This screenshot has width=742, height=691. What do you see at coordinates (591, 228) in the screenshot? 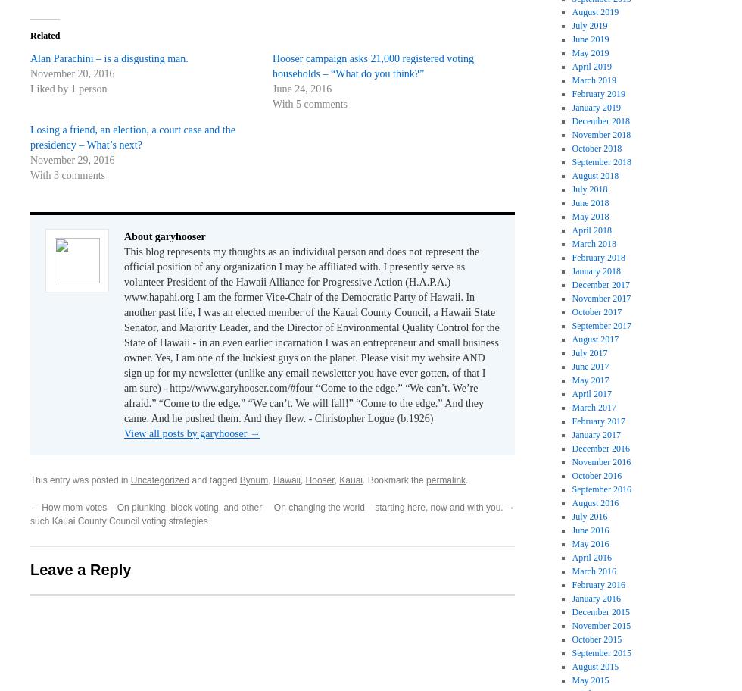
I see `'April 2018'` at bounding box center [591, 228].